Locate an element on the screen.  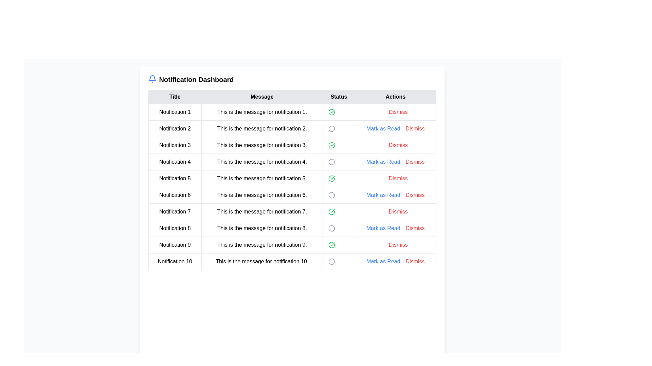
the text message that reads 'This is the message for notification 2.' located in the second row of the notifications list under the 'Message' column is located at coordinates (261, 129).